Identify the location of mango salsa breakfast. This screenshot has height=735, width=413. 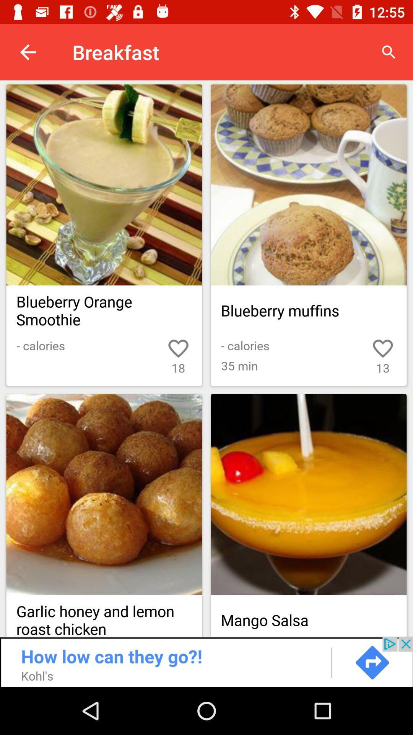
(308, 494).